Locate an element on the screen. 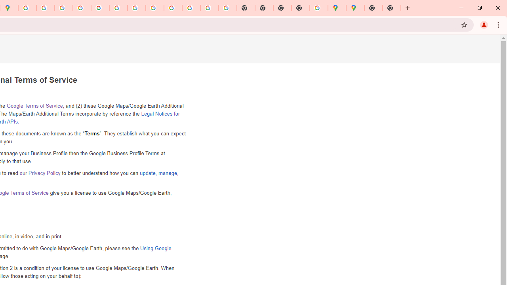  'New Tab' is located at coordinates (392, 8).